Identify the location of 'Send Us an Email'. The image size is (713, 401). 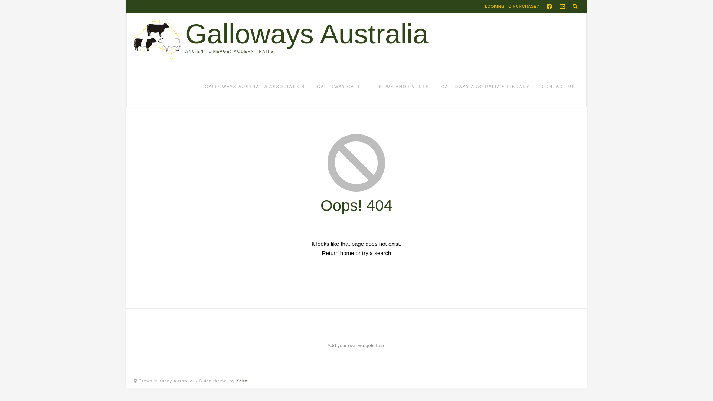
(562, 6).